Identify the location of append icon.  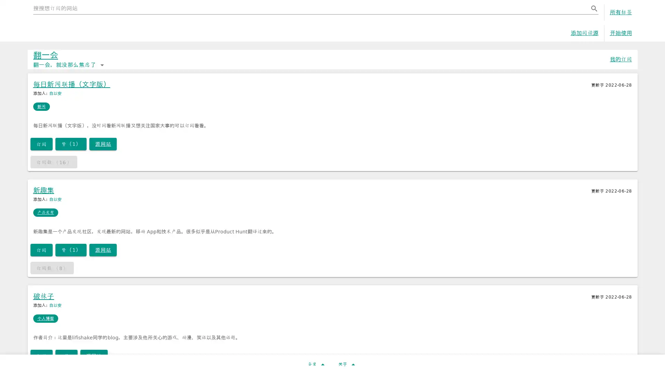
(593, 8).